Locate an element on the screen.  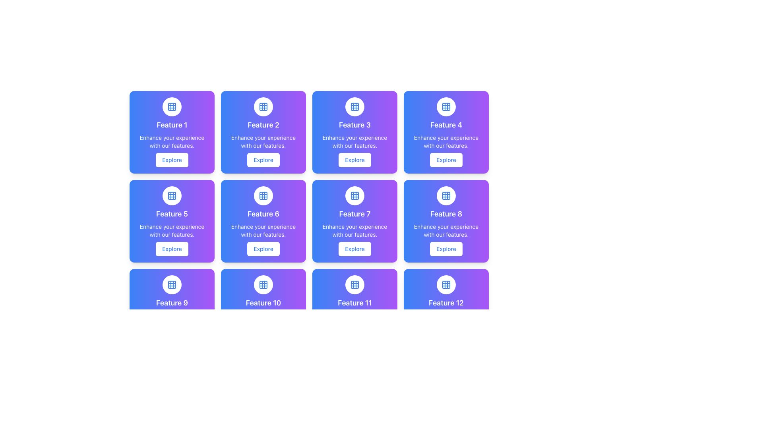
the decorative square located at the center of the grid icon in the Feature 5 block, which is positioned above the text and button is located at coordinates (171, 196).